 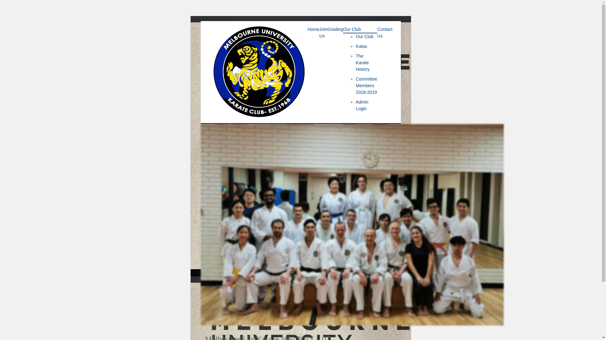 I want to click on 'Contact Us', so click(x=377, y=32).